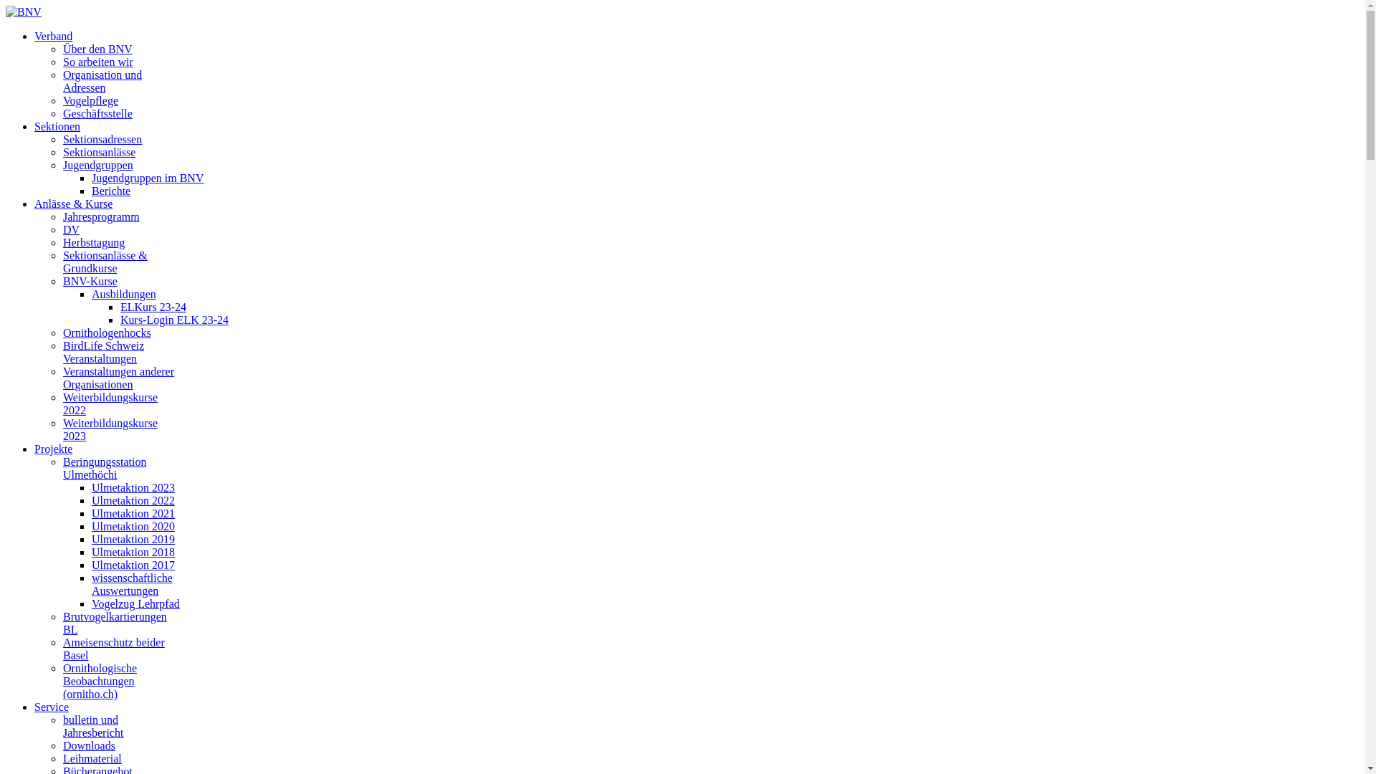 The width and height of the screenshot is (1376, 774). What do you see at coordinates (133, 512) in the screenshot?
I see `'Ulmetaktion 2021'` at bounding box center [133, 512].